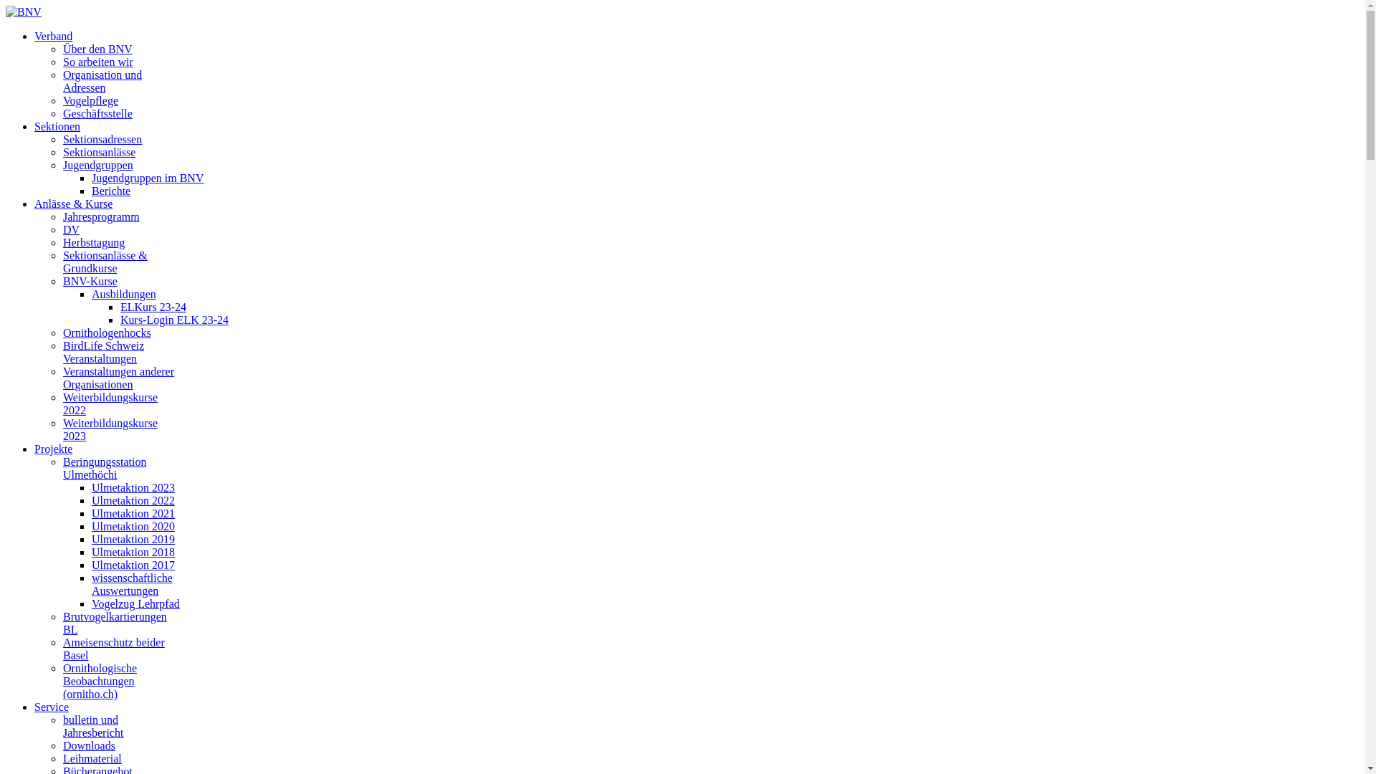 The width and height of the screenshot is (1376, 774). What do you see at coordinates (133, 512) in the screenshot?
I see `'Ulmetaktion 2021'` at bounding box center [133, 512].